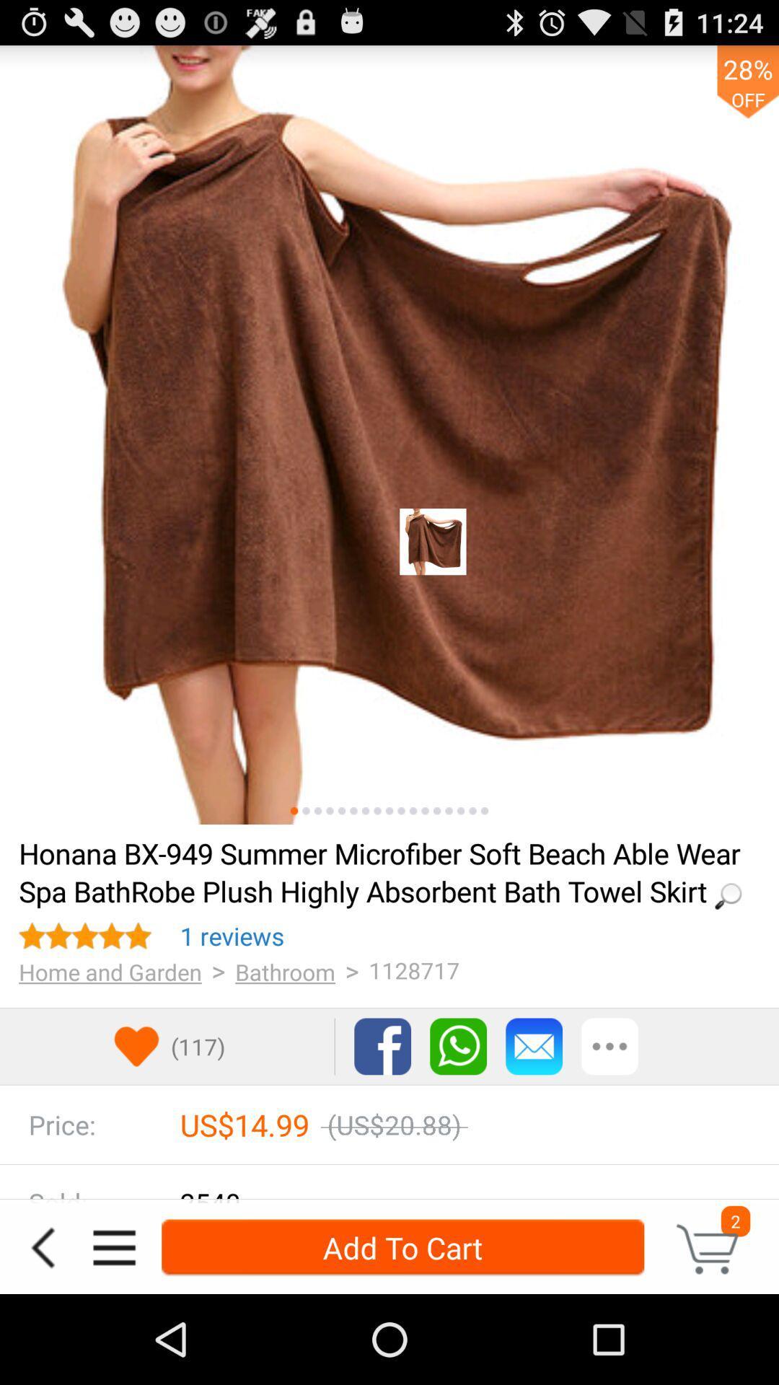 This screenshot has height=1385, width=779. Describe the element at coordinates (294, 811) in the screenshot. I see `first slide` at that location.